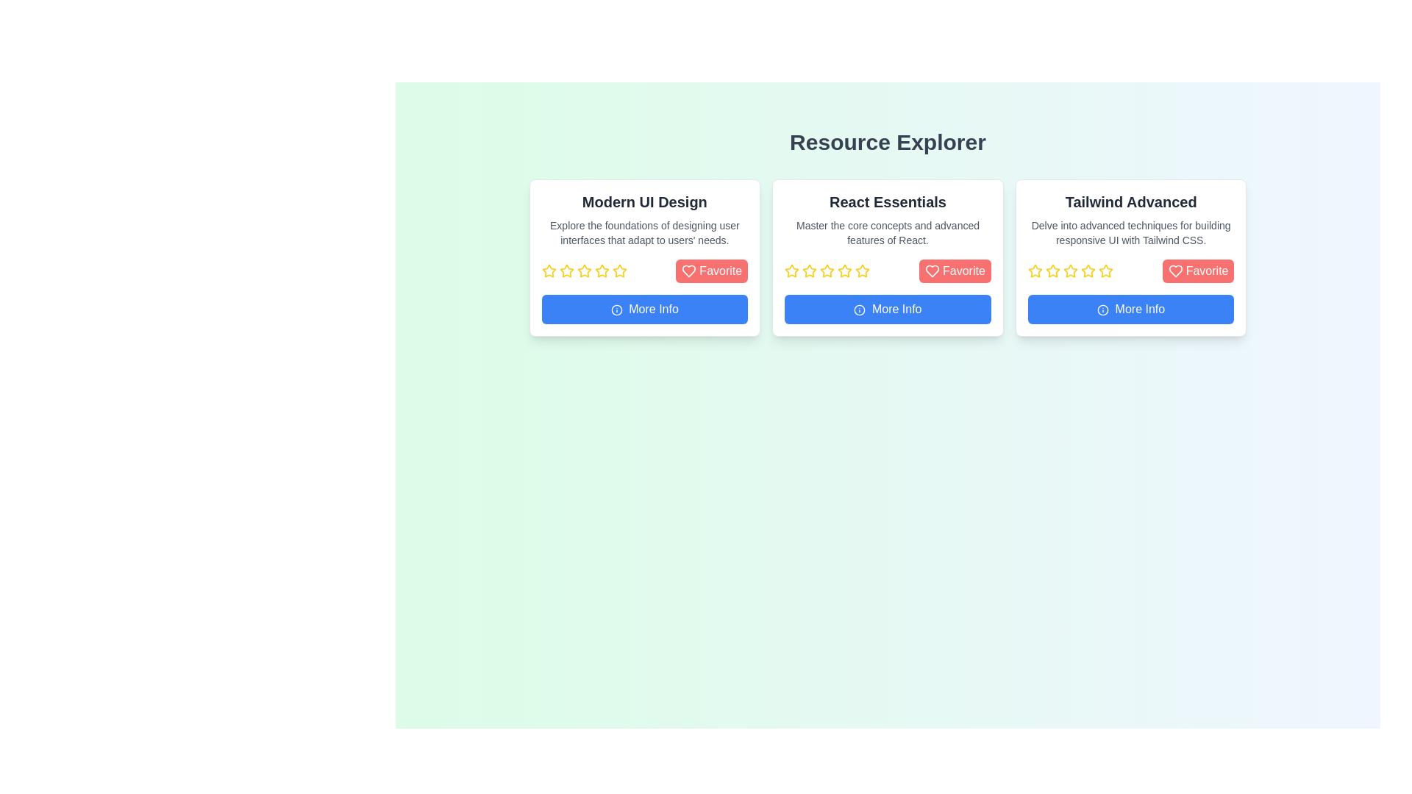 The image size is (1412, 794). Describe the element at coordinates (827, 271) in the screenshot. I see `the fourth star icon from the left in the row of five stars below the 'React Essentials' card` at that location.